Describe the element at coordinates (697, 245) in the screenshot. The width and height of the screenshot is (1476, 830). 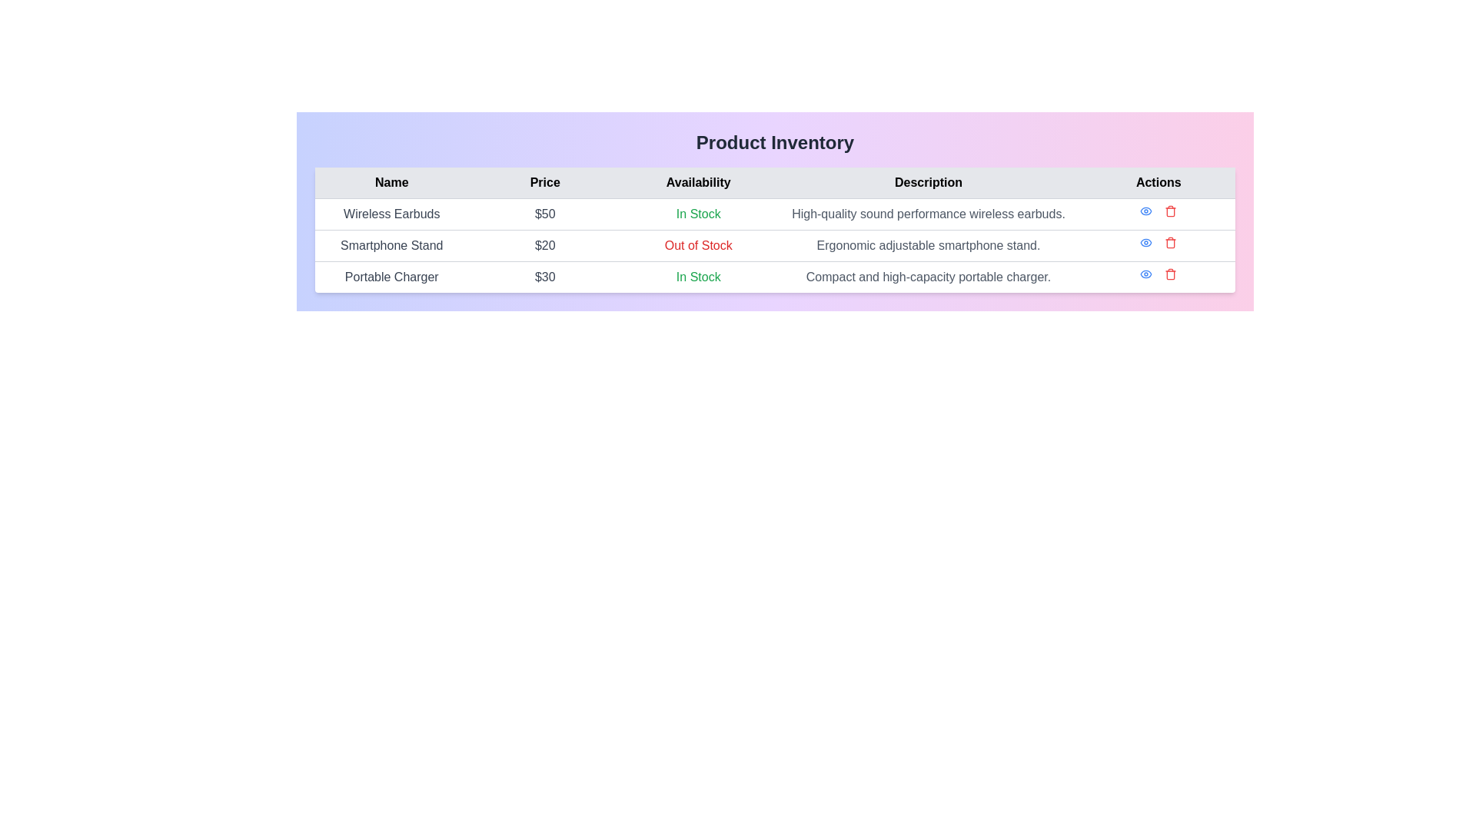
I see `the availability status text label indicating that the 'Smartphone Stand' product is unavailable, located in the third column of the second row of the product inventory table` at that location.